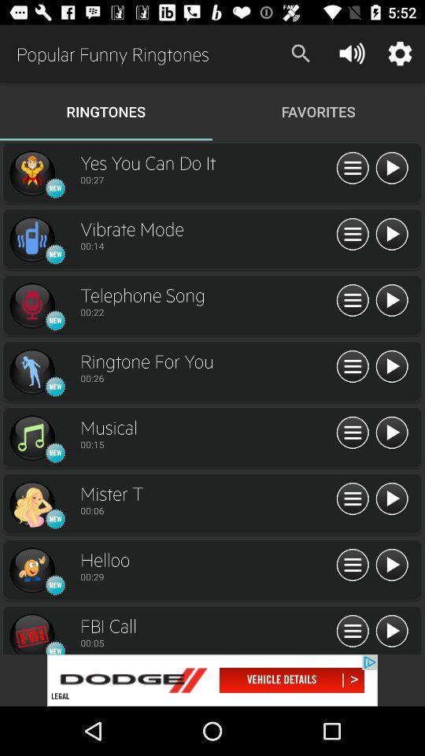 The width and height of the screenshot is (425, 756). I want to click on play, so click(390, 498).